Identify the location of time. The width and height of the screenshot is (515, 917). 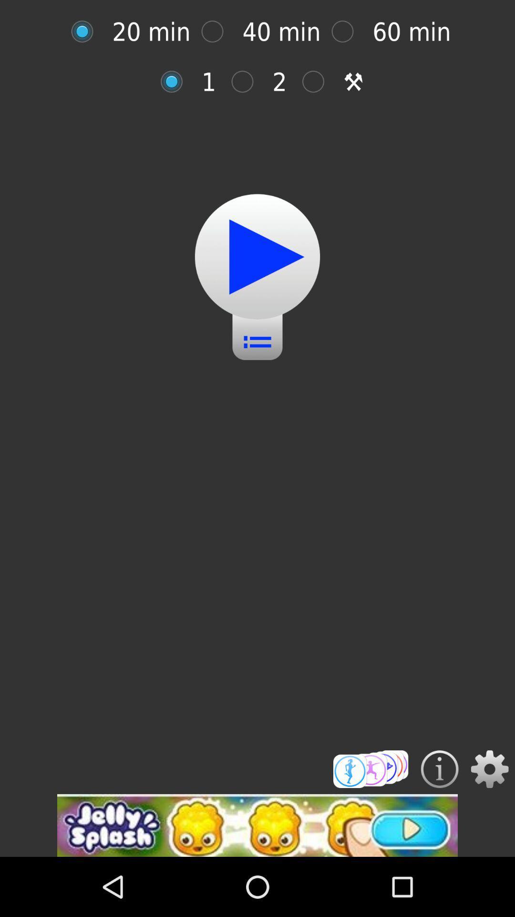
(370, 769).